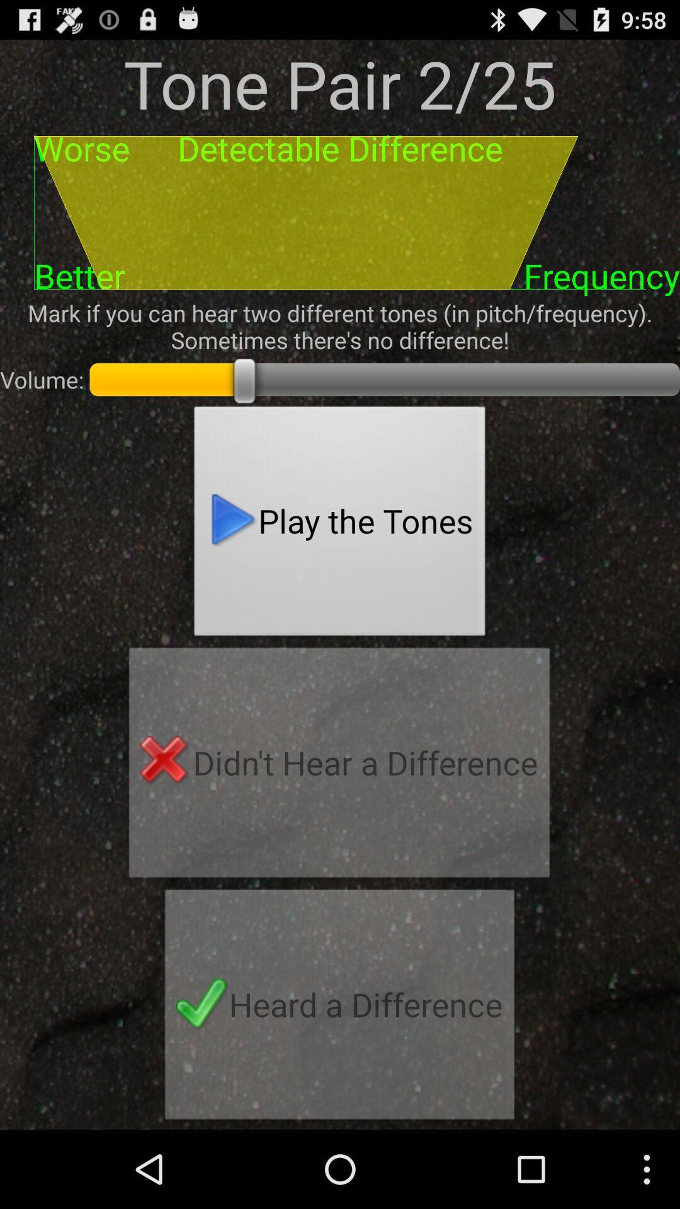  What do you see at coordinates (340, 525) in the screenshot?
I see `icon next to volume:  icon` at bounding box center [340, 525].